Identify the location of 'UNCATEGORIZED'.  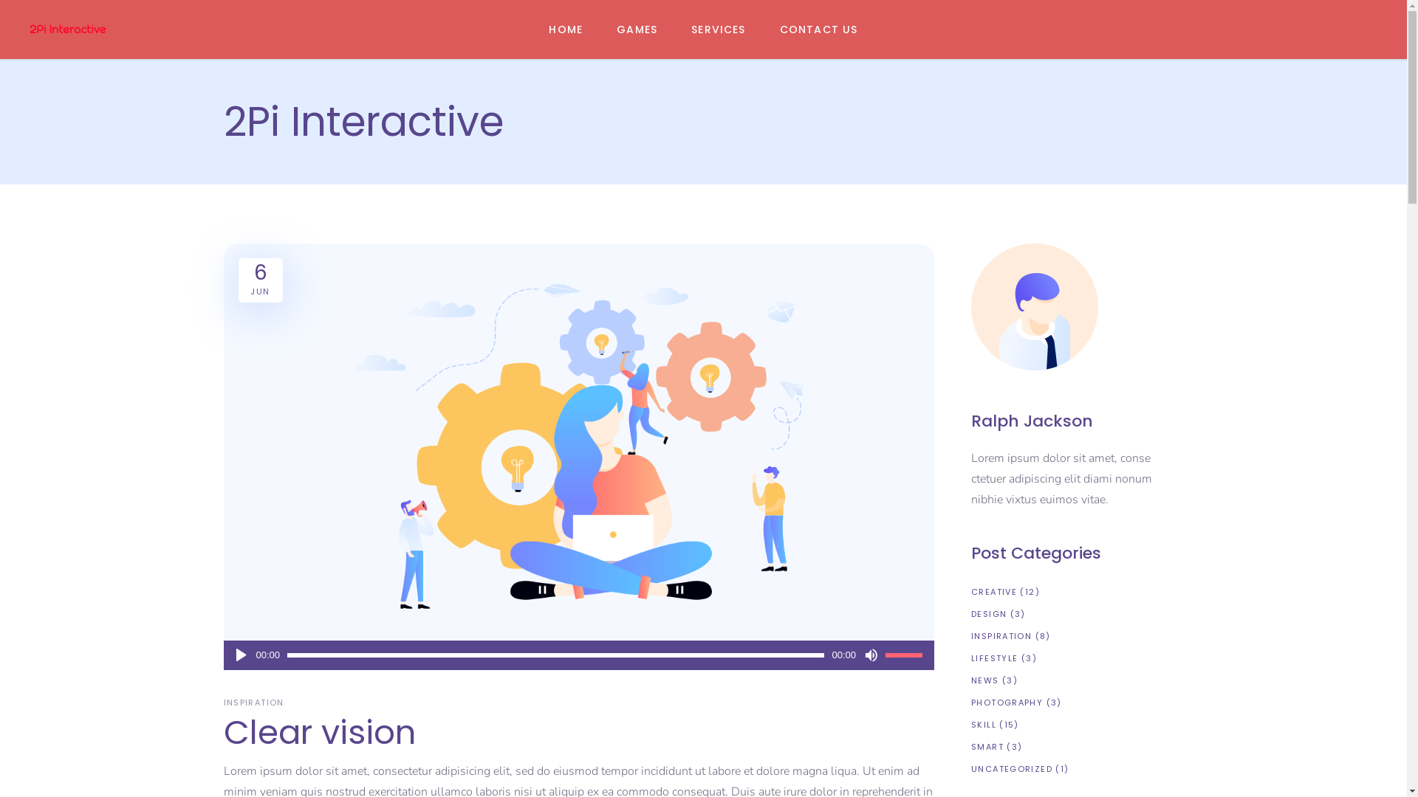
(971, 767).